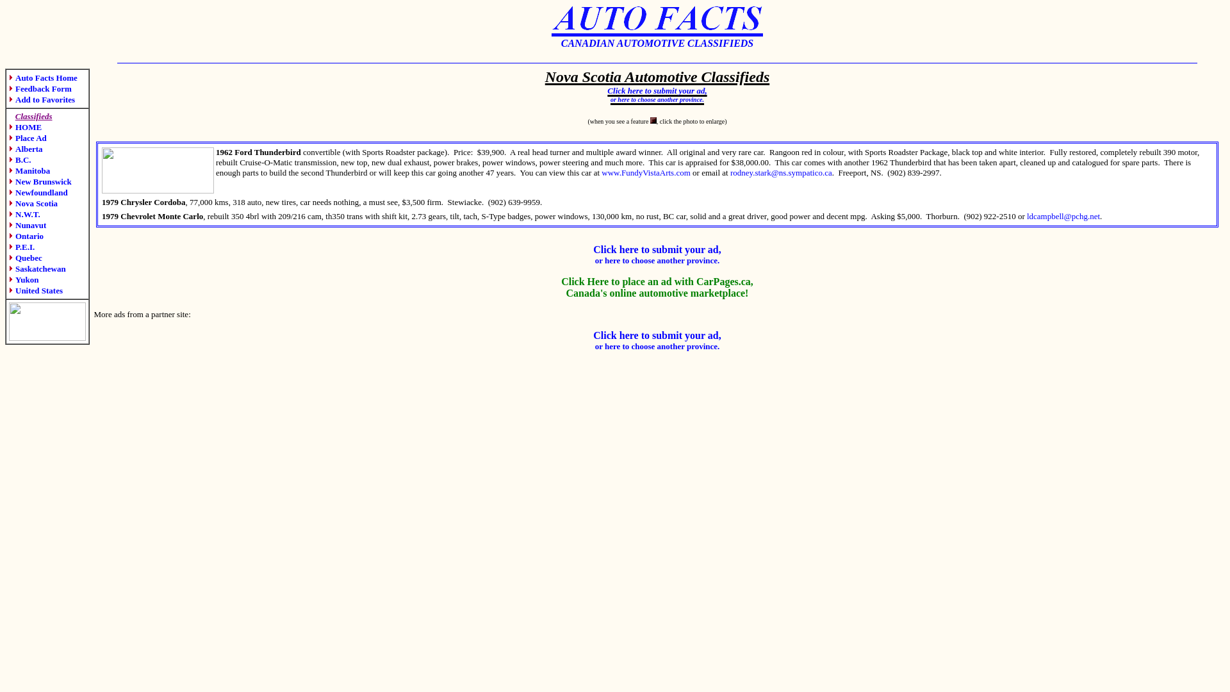 This screenshot has width=1230, height=692. Describe the element at coordinates (9, 213) in the screenshot. I see `'N.W.T.'` at that location.